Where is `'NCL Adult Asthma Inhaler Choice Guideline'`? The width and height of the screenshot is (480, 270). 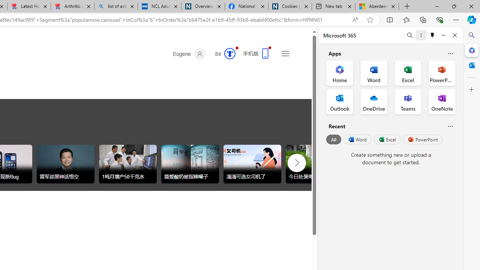
'NCL Adult Asthma Inhaler Choice Guideline' is located at coordinates (159, 6).